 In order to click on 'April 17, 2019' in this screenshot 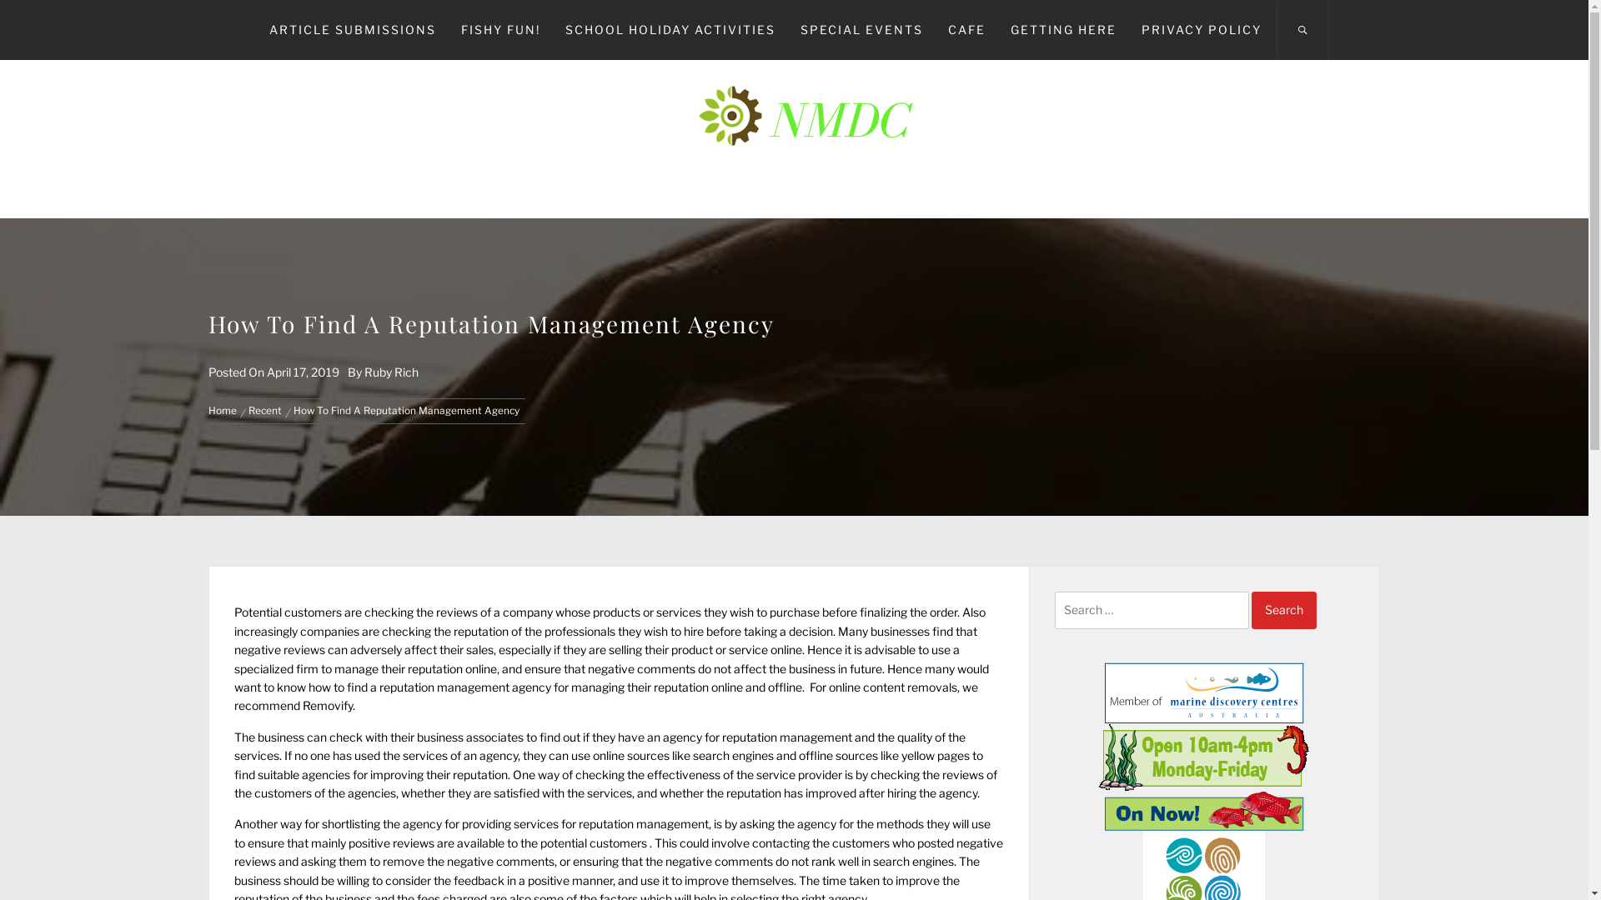, I will do `click(267, 371)`.